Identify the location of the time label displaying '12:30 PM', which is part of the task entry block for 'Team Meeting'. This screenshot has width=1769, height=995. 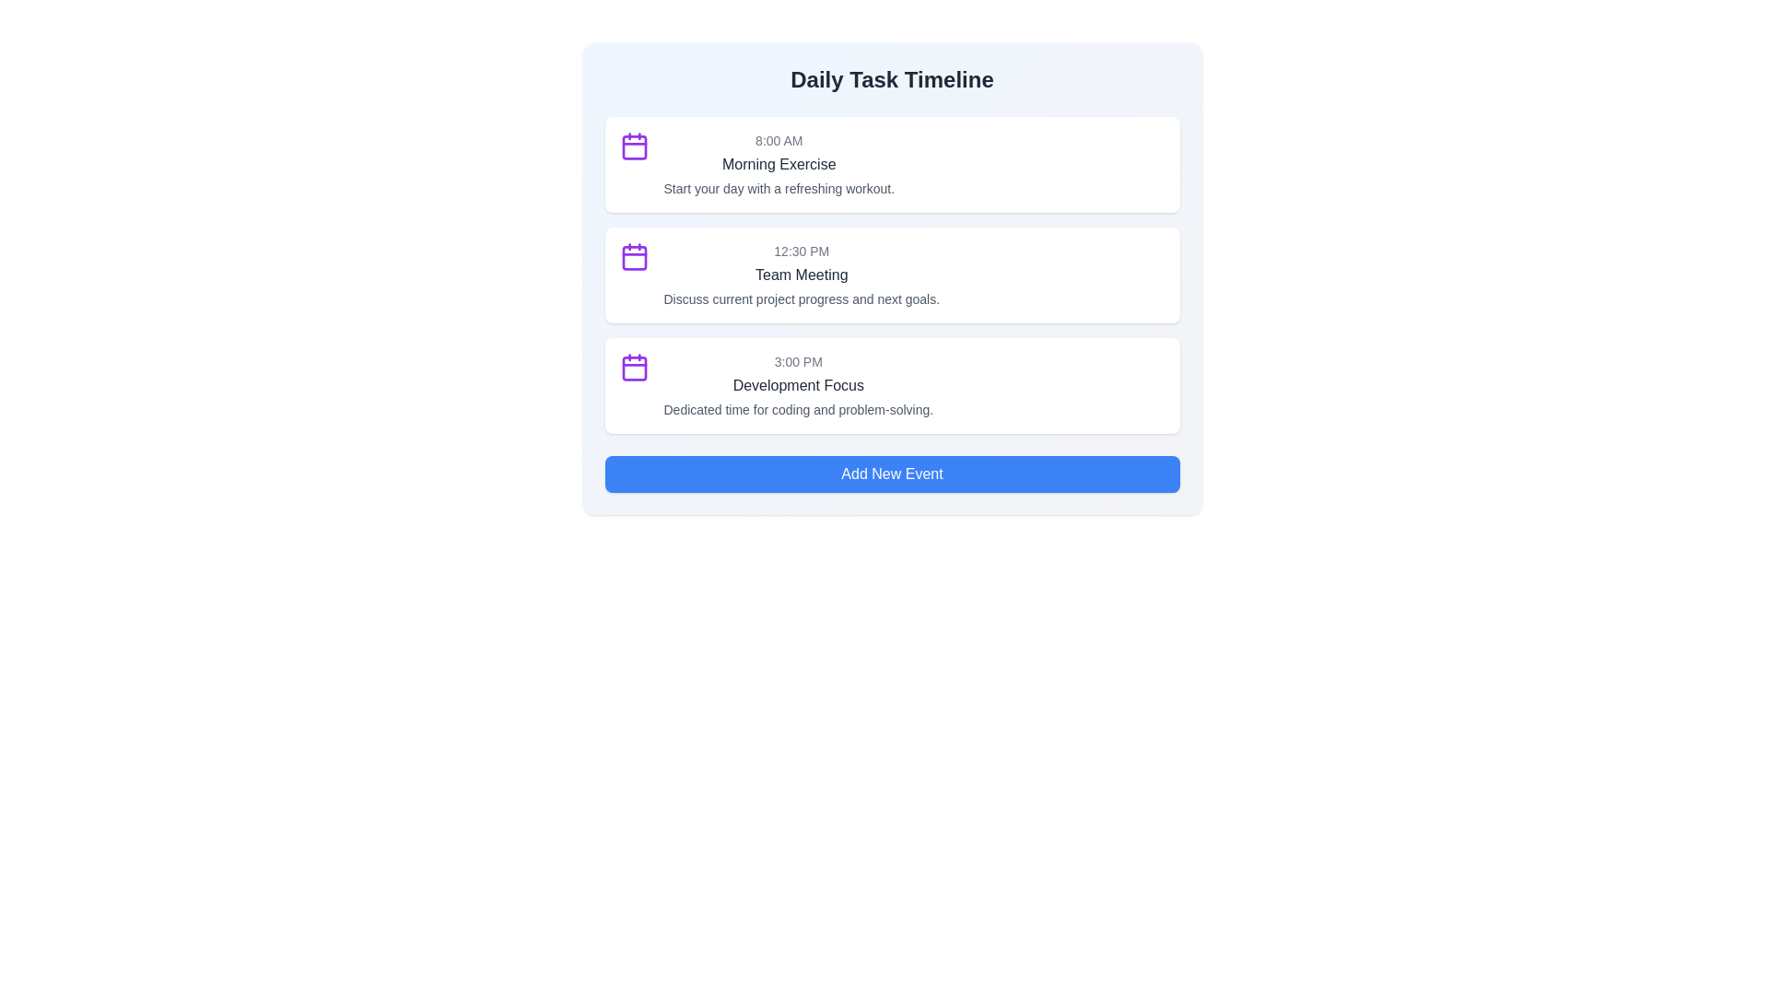
(802, 252).